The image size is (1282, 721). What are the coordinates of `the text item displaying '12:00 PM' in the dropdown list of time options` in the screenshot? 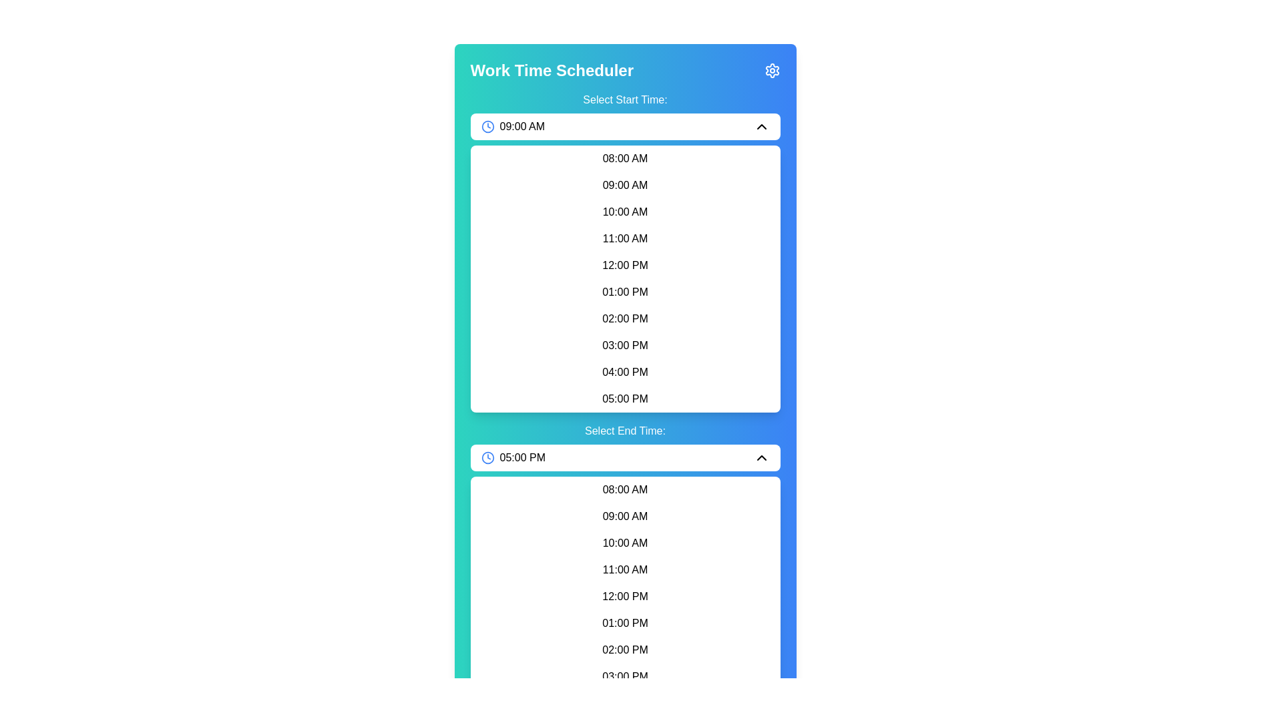 It's located at (624, 596).